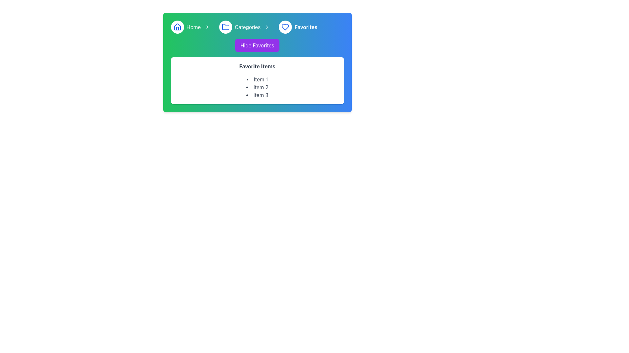 The image size is (629, 353). Describe the element at coordinates (298, 27) in the screenshot. I see `the light blue heart icon in the 'Favorites' Breadcrumb navigation link, which is the third element in the sequence after 'Home' and 'Categories'` at that location.